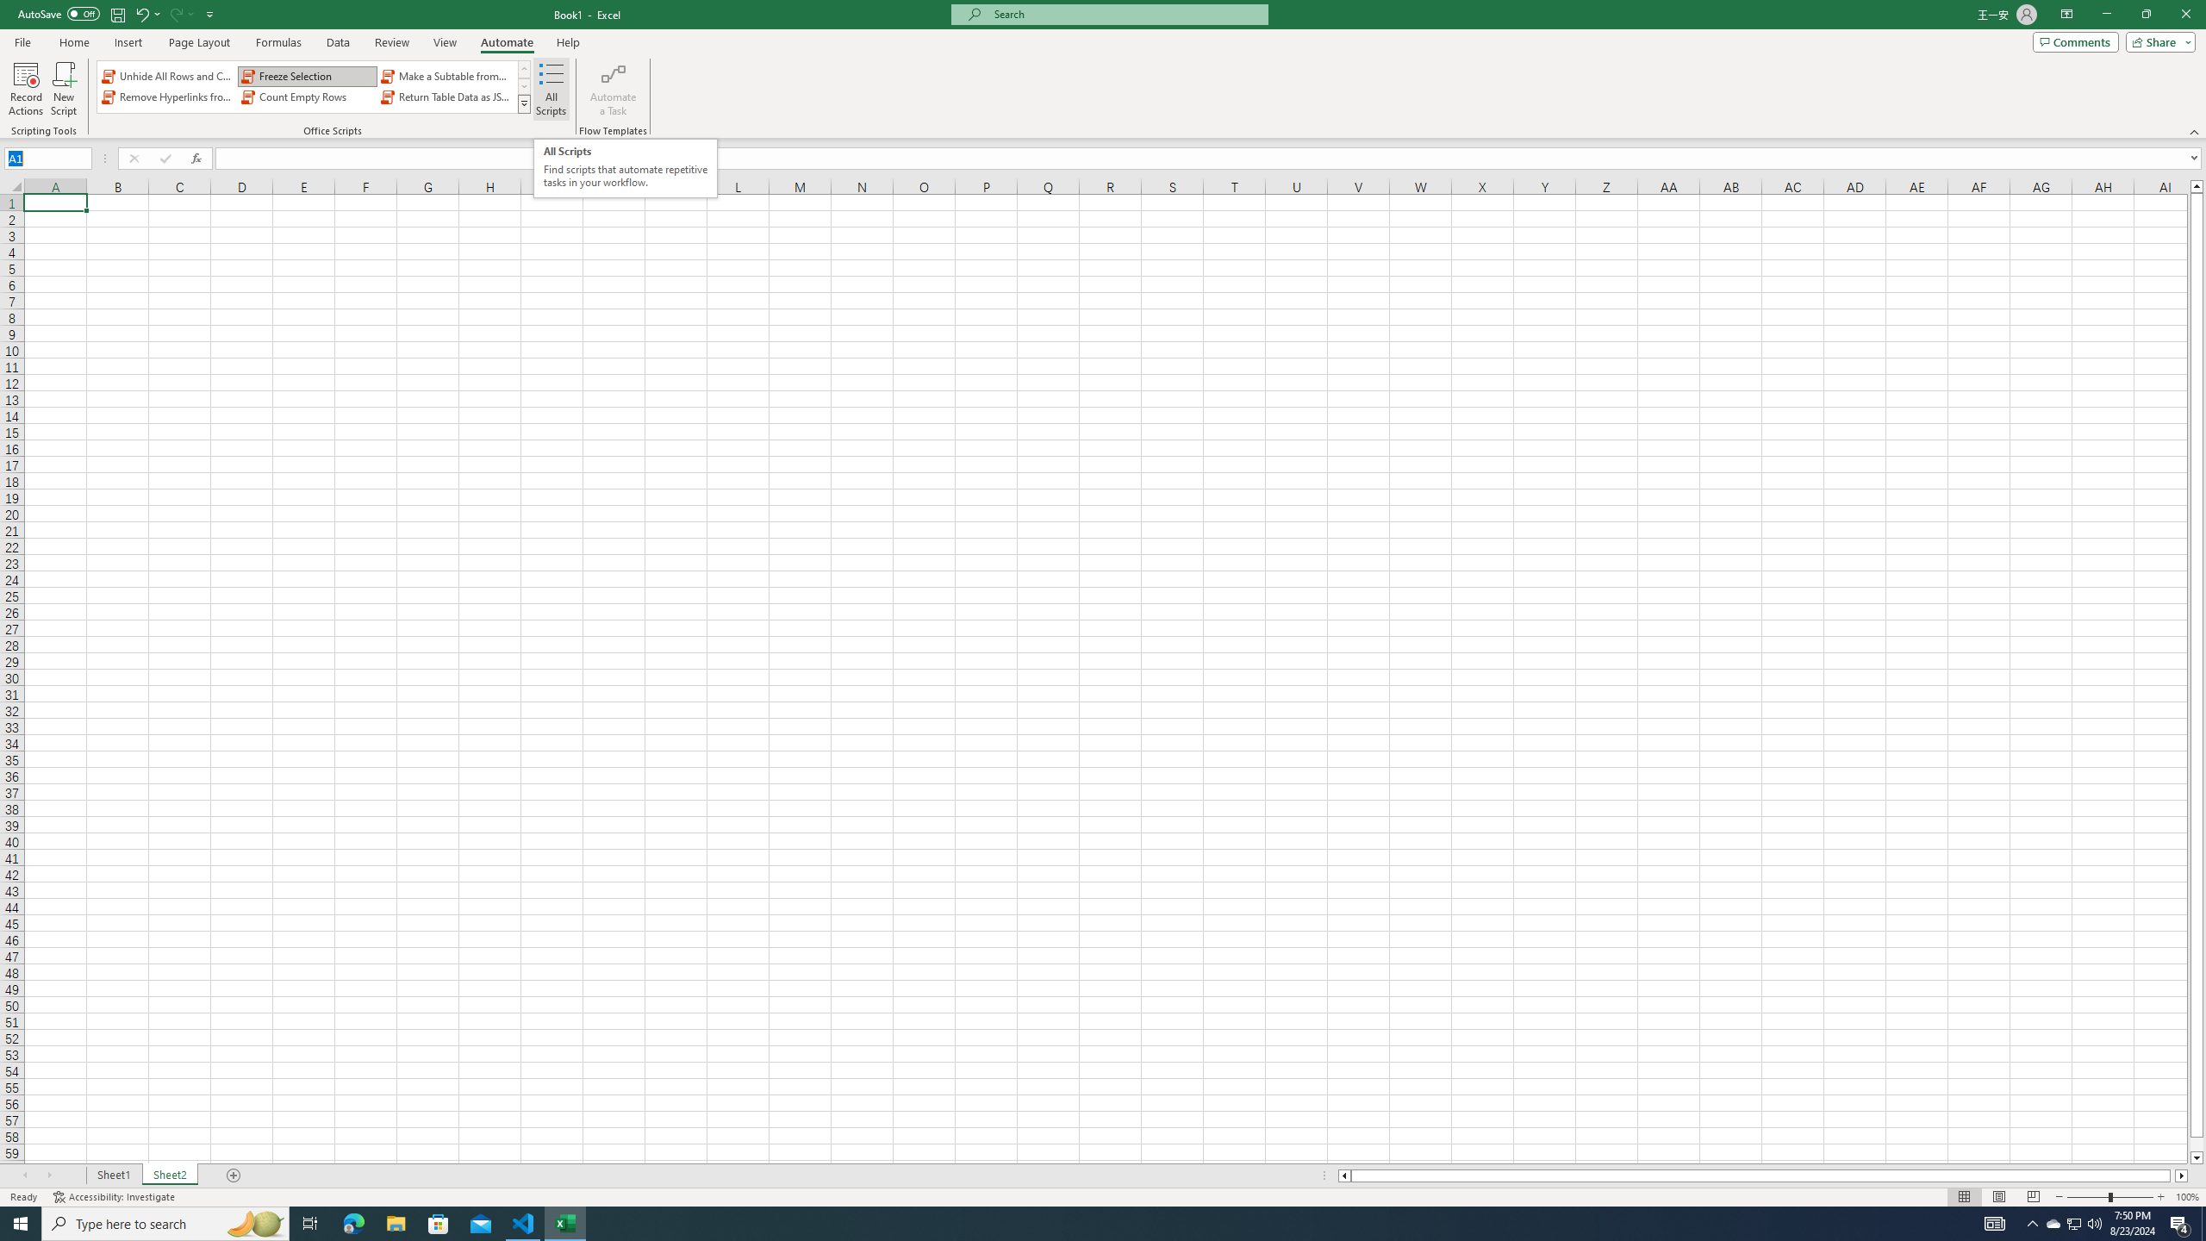  Describe the element at coordinates (2087, 1197) in the screenshot. I see `'Zoom Out'` at that location.